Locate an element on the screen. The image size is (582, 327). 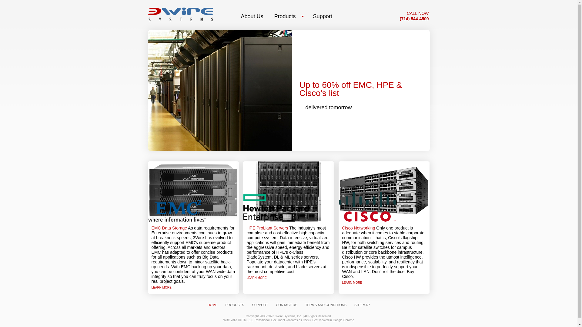
'LEARN MORE' is located at coordinates (352, 282).